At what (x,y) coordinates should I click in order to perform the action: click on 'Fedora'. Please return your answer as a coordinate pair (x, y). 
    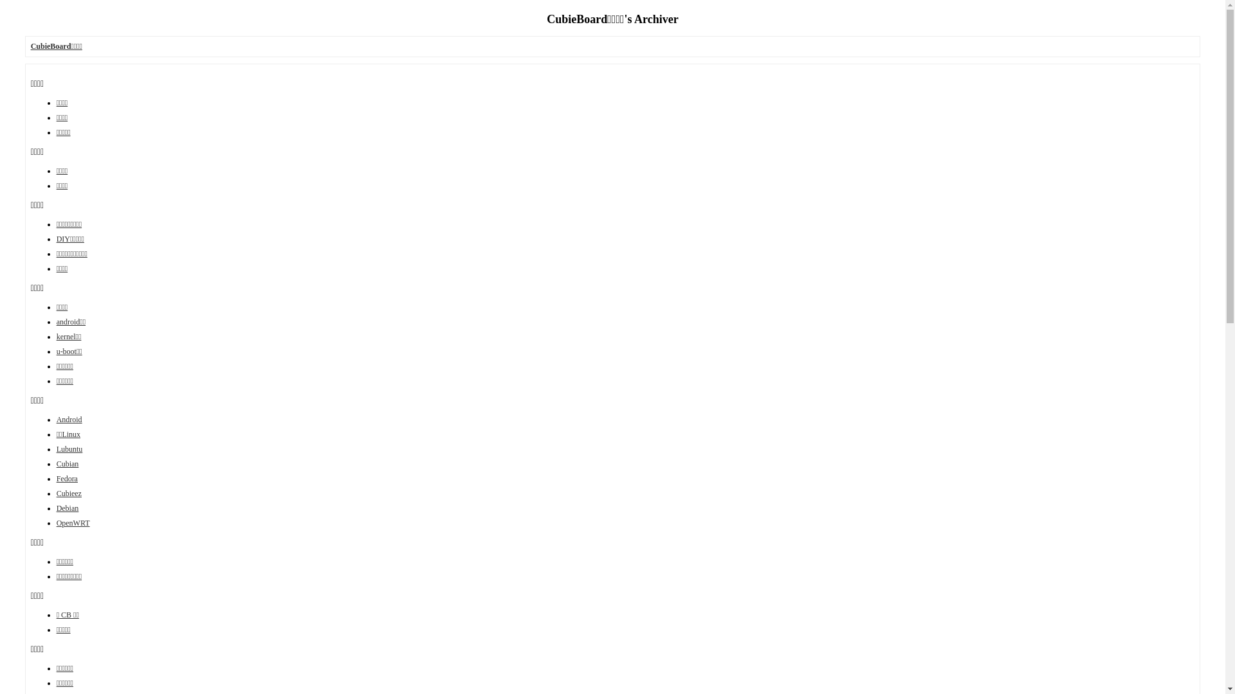
    Looking at the image, I should click on (66, 478).